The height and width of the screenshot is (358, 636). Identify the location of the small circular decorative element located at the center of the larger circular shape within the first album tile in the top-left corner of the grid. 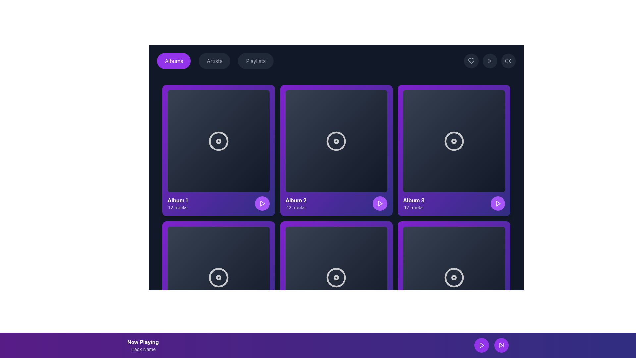
(218, 141).